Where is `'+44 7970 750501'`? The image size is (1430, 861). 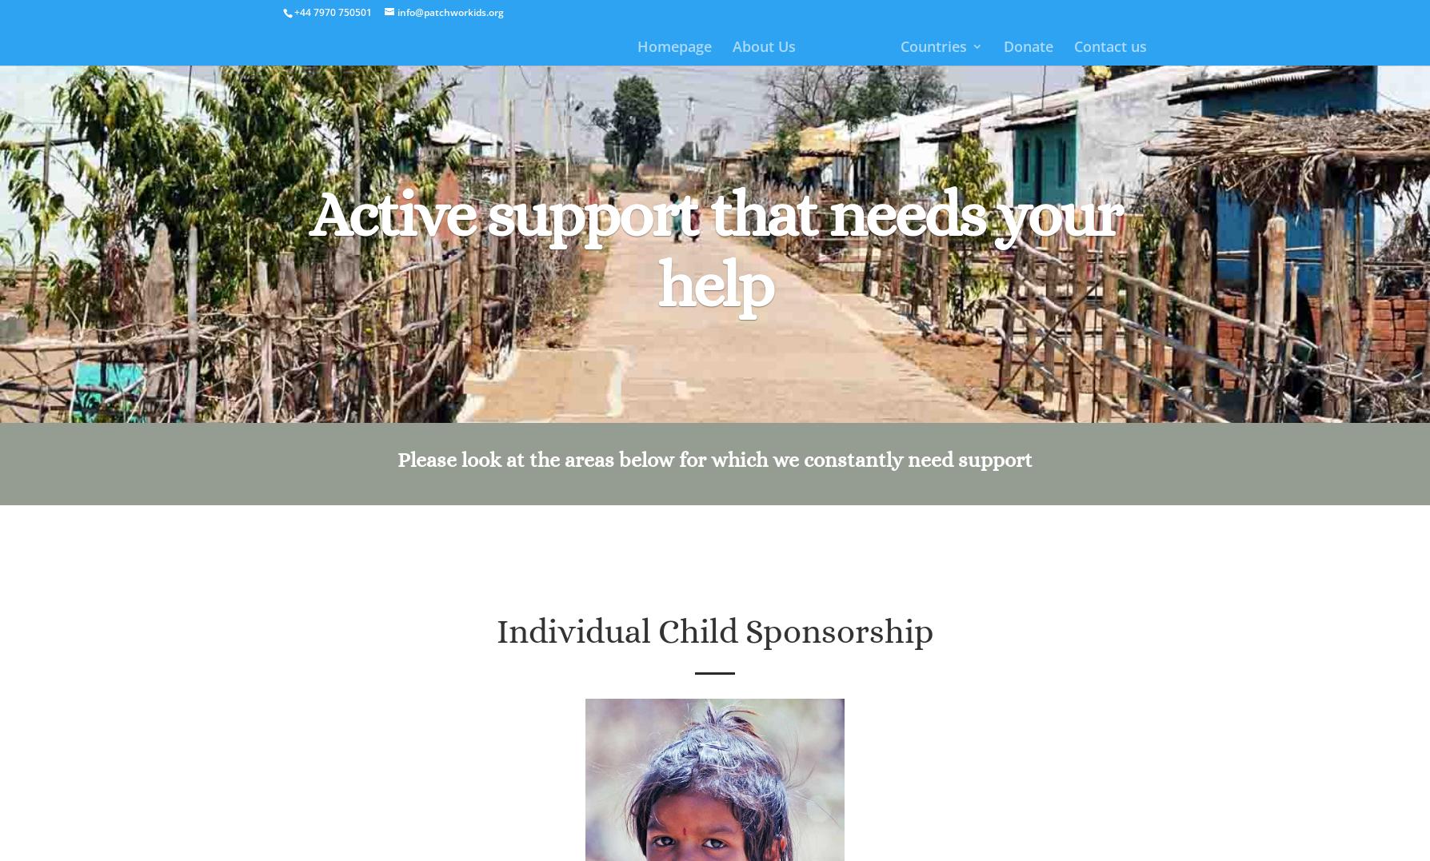
'+44 7970 750501' is located at coordinates (332, 11).